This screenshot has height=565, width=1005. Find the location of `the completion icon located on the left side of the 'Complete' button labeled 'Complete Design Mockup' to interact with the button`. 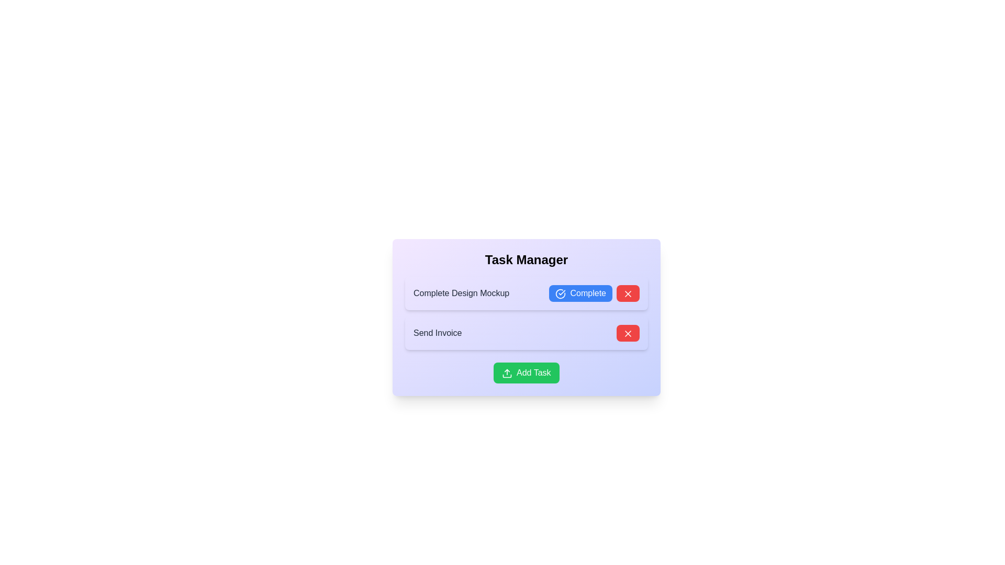

the completion icon located on the left side of the 'Complete' button labeled 'Complete Design Mockup' to interact with the button is located at coordinates (560, 293).